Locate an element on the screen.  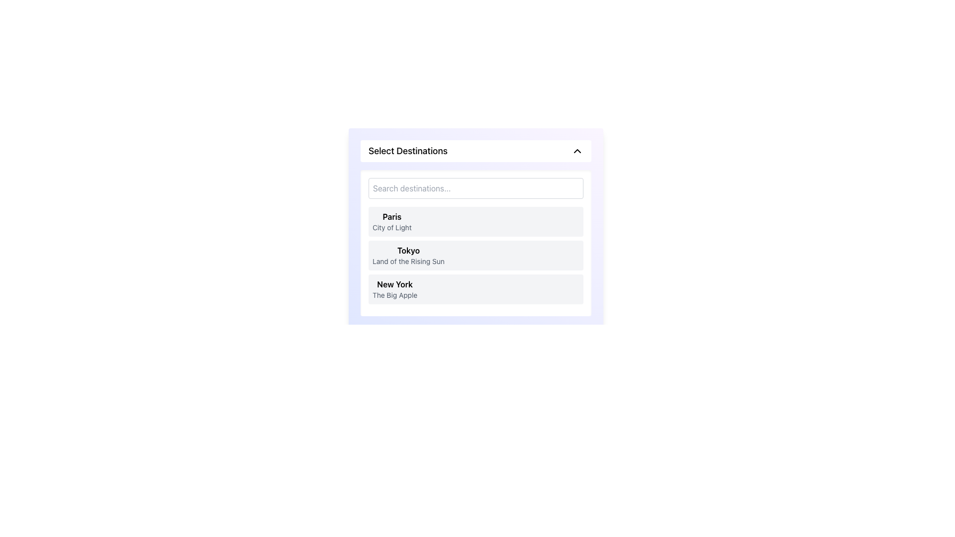
the interactive menu item for 'Tokyo' in the list of selectable destinations is located at coordinates (475, 255).